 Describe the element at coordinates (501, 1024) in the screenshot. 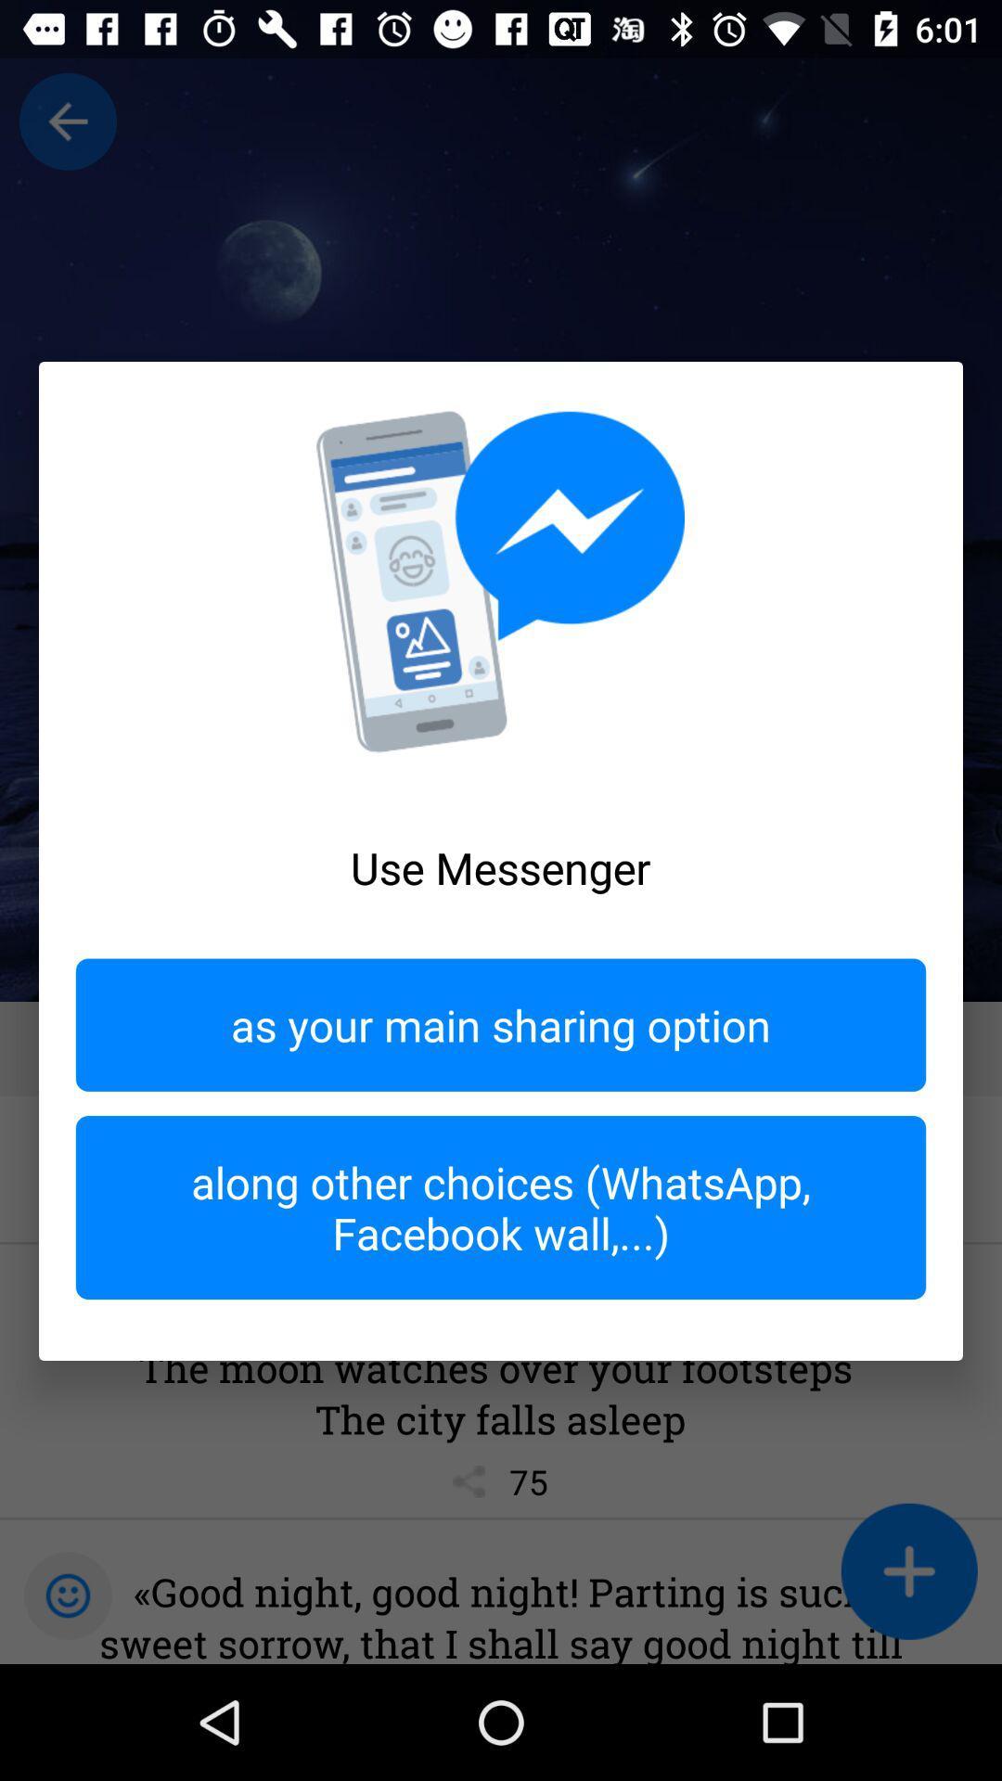

I see `the as your main icon` at that location.